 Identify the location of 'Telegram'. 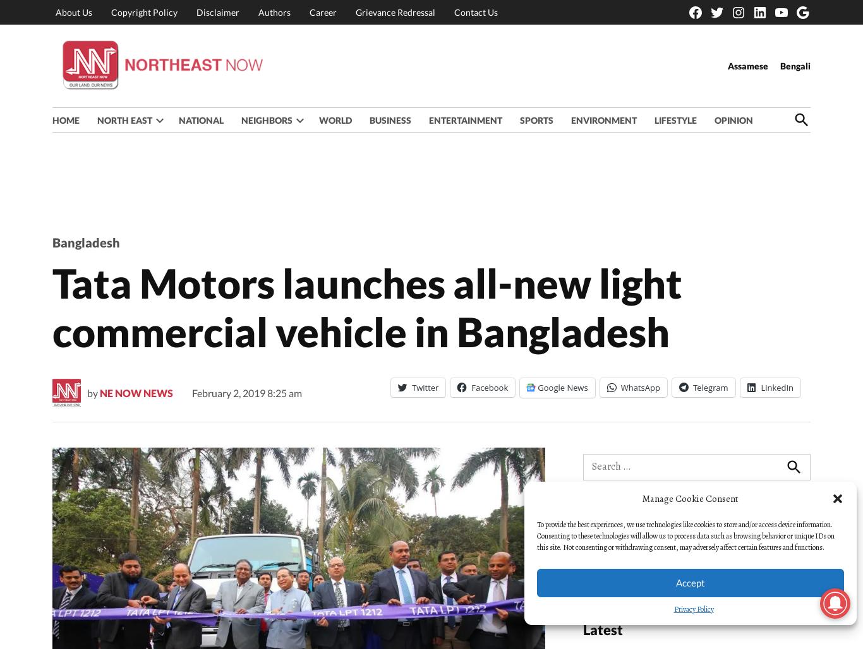
(709, 386).